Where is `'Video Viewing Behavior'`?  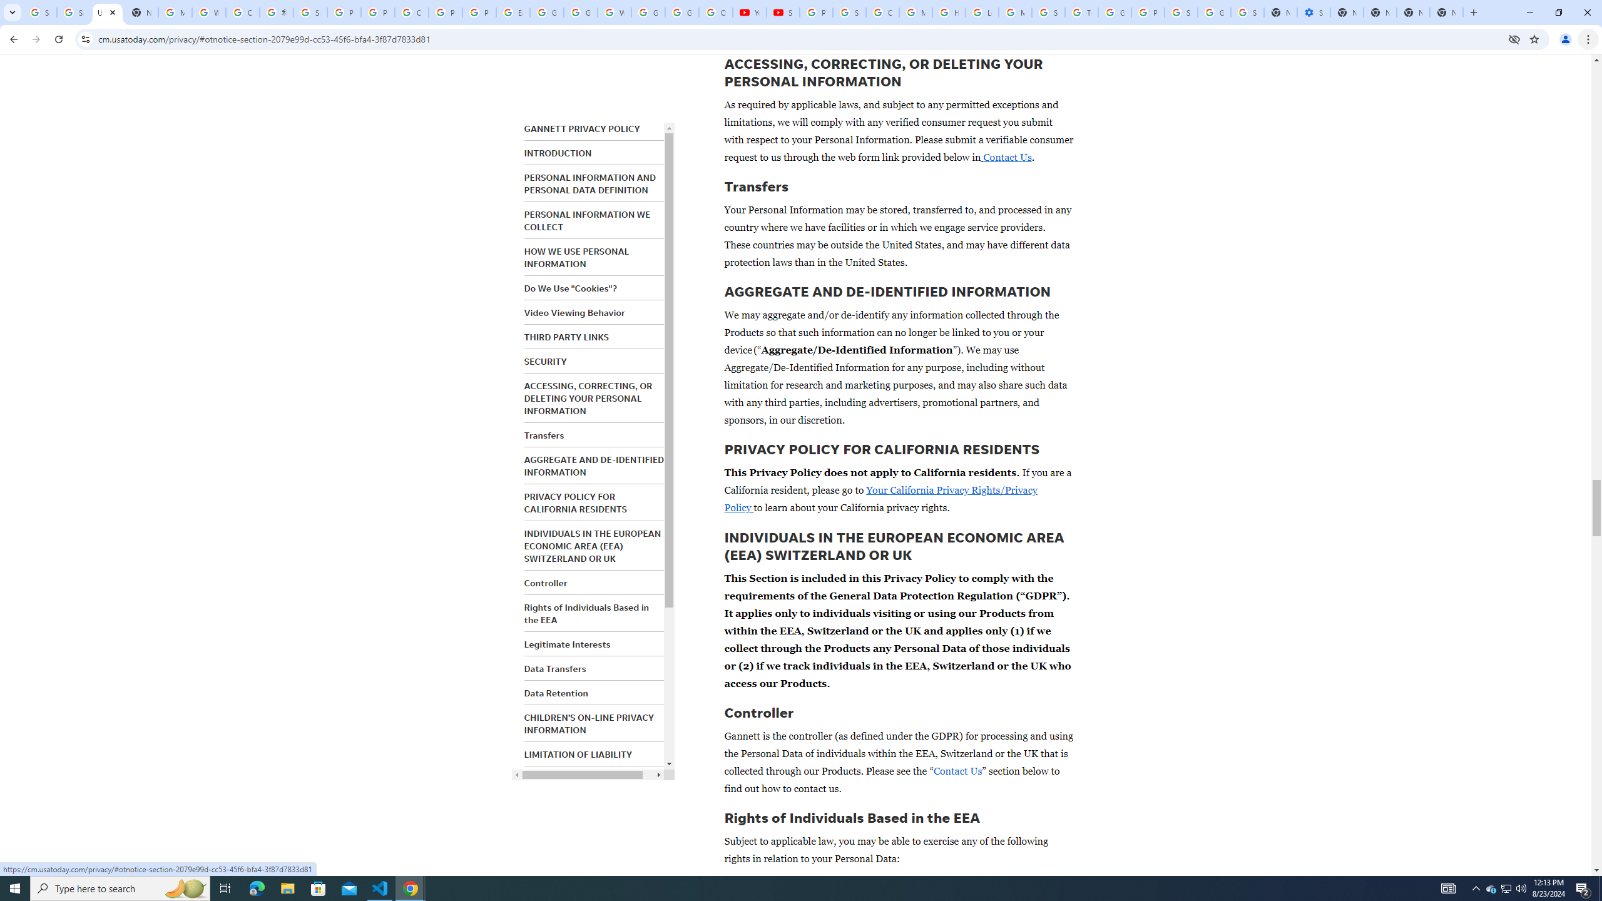
'Video Viewing Behavior' is located at coordinates (574, 312).